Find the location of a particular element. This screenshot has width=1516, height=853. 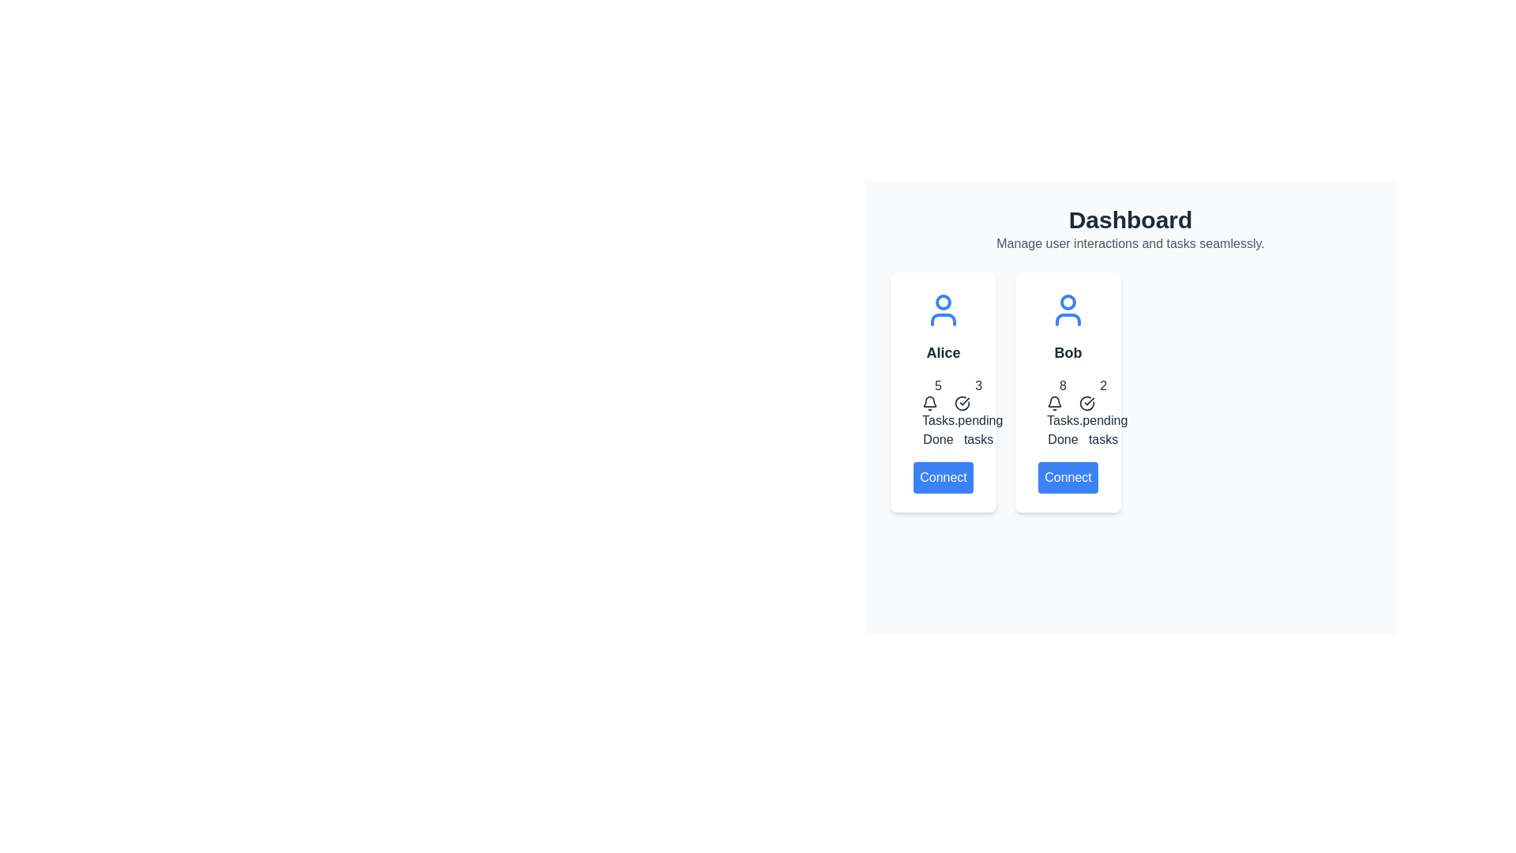

the blue circular graphic element located near the top of Bob's user icon in the second user card is located at coordinates (1068, 302).